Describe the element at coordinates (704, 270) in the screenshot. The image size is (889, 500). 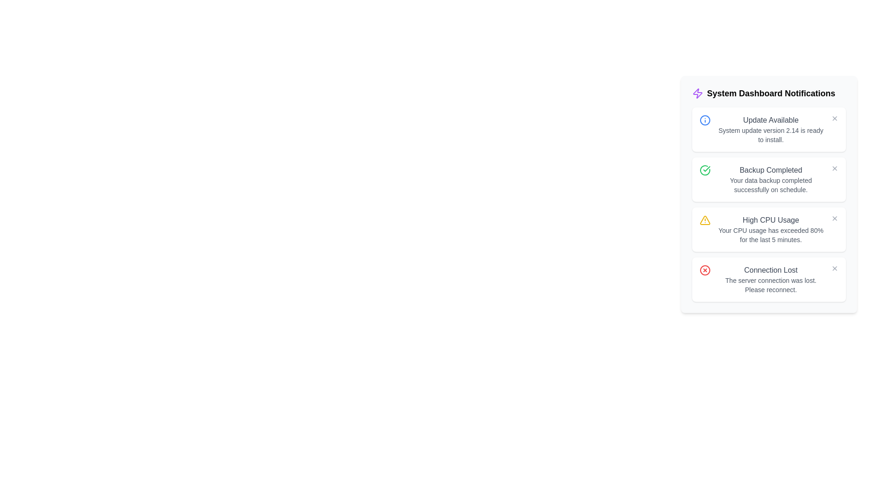
I see `the error notification icon indicating 'Connection Lost' located at the top-left corner of the notification box` at that location.